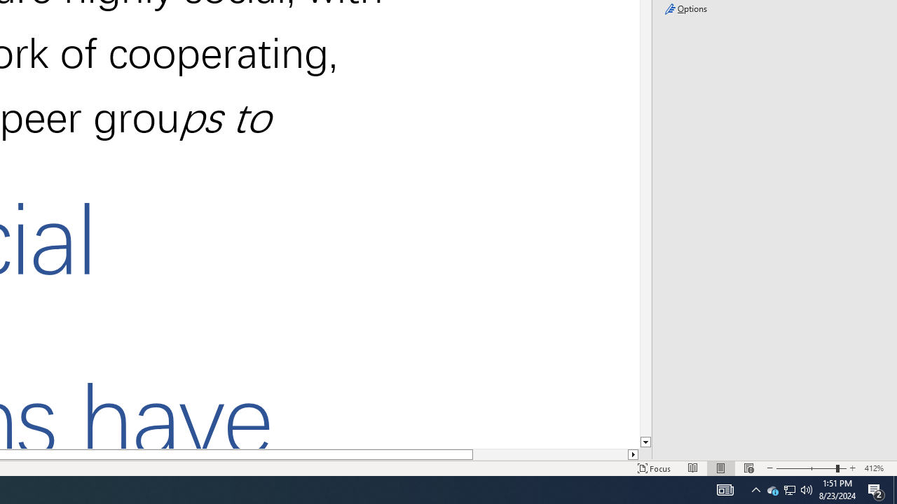 The image size is (897, 504). Describe the element at coordinates (721, 468) in the screenshot. I see `'Print Layout'` at that location.